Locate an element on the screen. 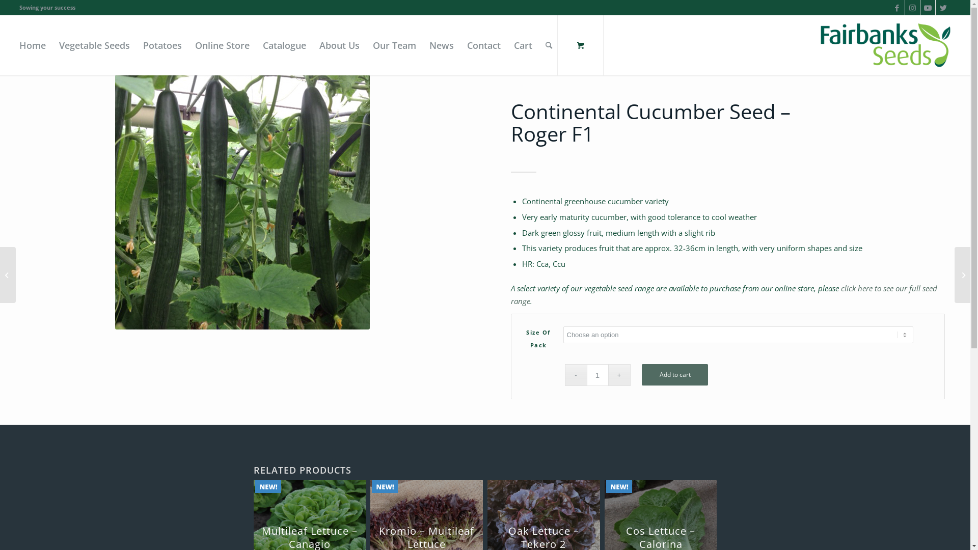 This screenshot has height=550, width=978. 'Contact' is located at coordinates (483, 44).